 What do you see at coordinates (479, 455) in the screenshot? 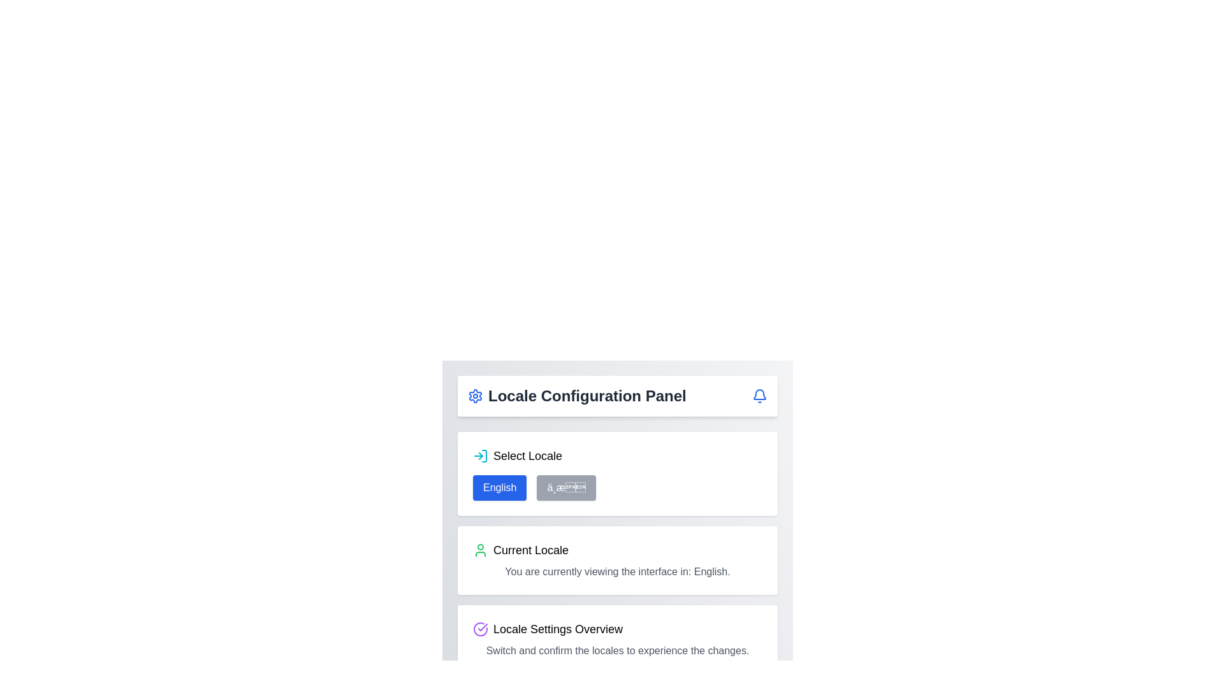
I see `the icon located in the 'Select Locale' section, positioned at the top-left corner` at bounding box center [479, 455].